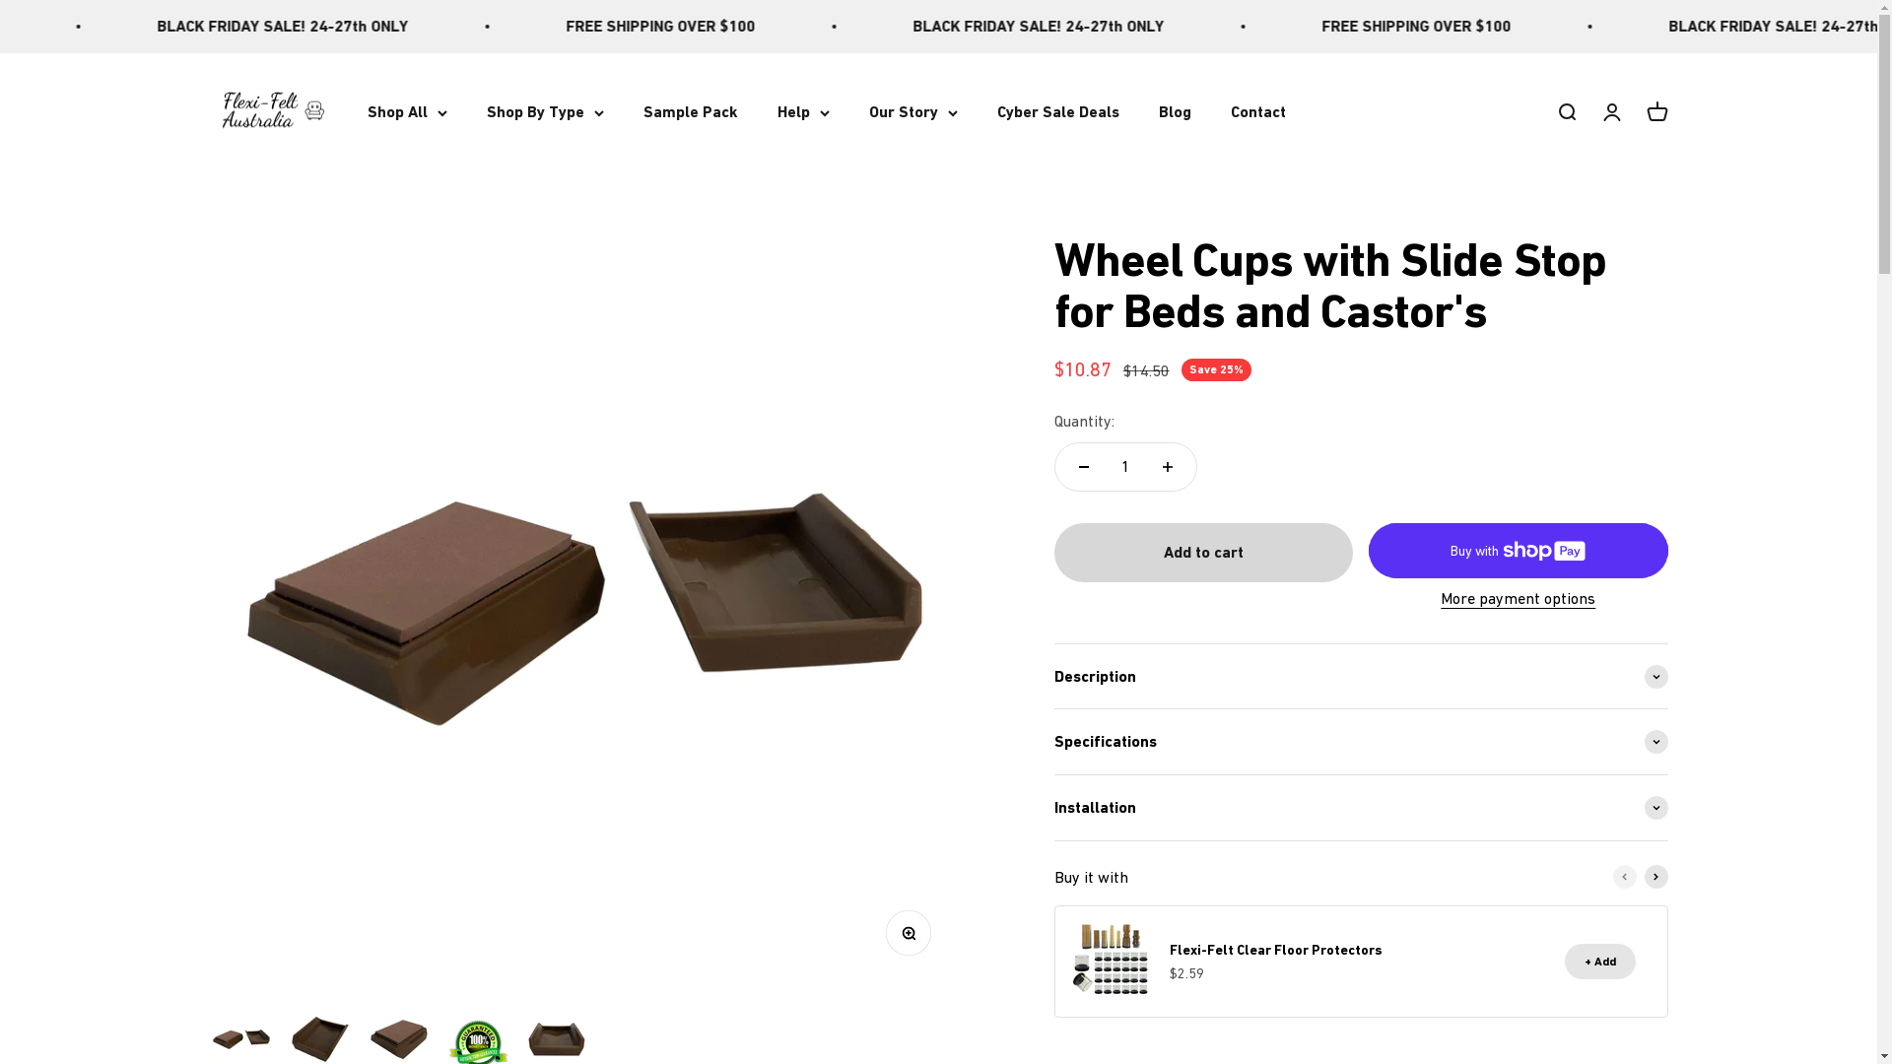 Image resolution: width=1892 pixels, height=1064 pixels. I want to click on 'Flexi-Felt Clear Floor Protectors', so click(1276, 949).